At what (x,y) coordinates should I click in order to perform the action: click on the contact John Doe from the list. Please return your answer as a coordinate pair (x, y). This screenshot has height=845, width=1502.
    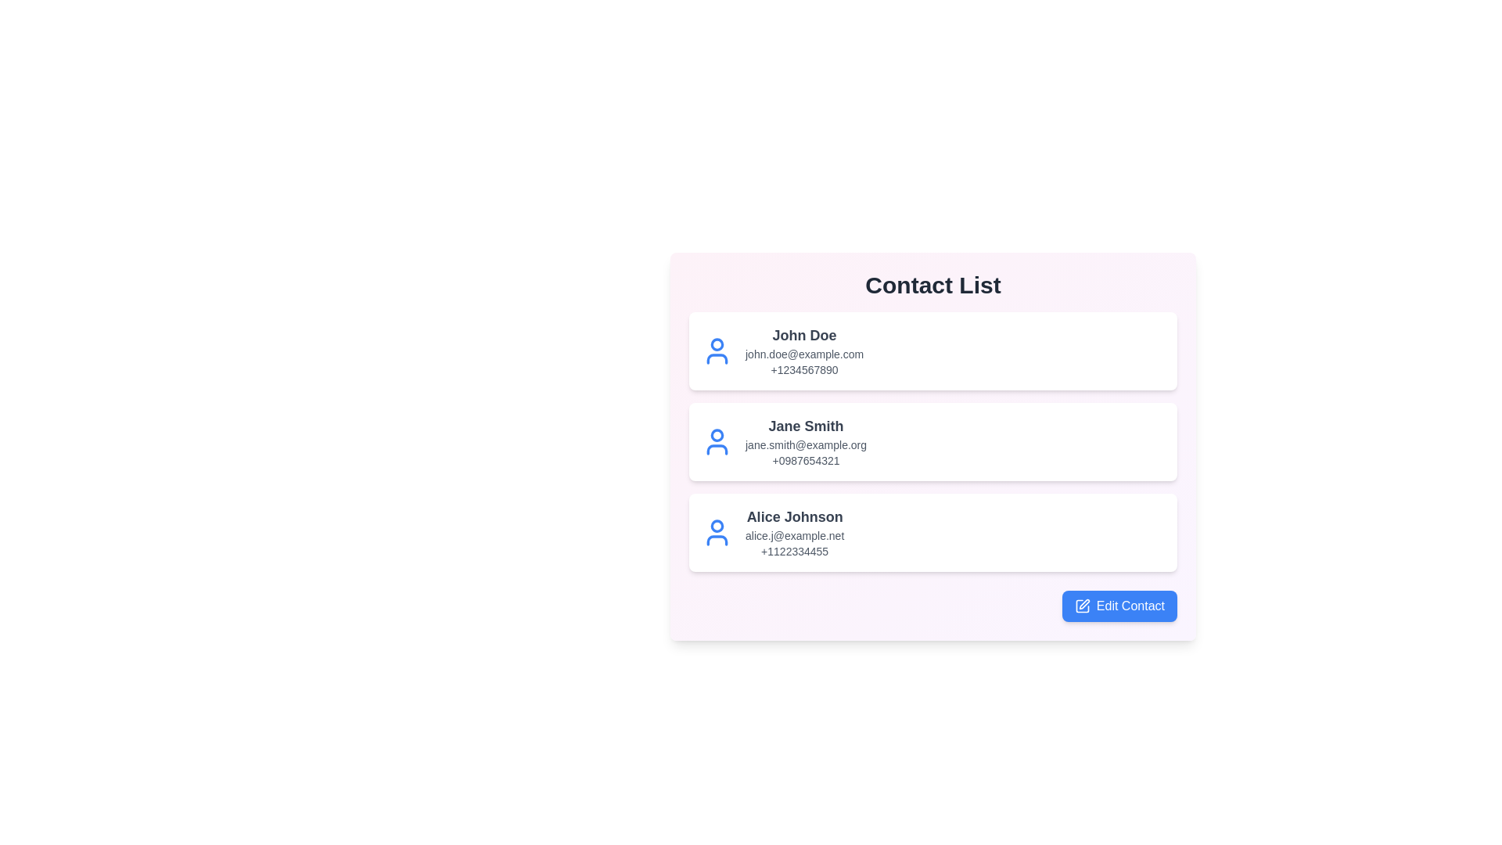
    Looking at the image, I should click on (933, 350).